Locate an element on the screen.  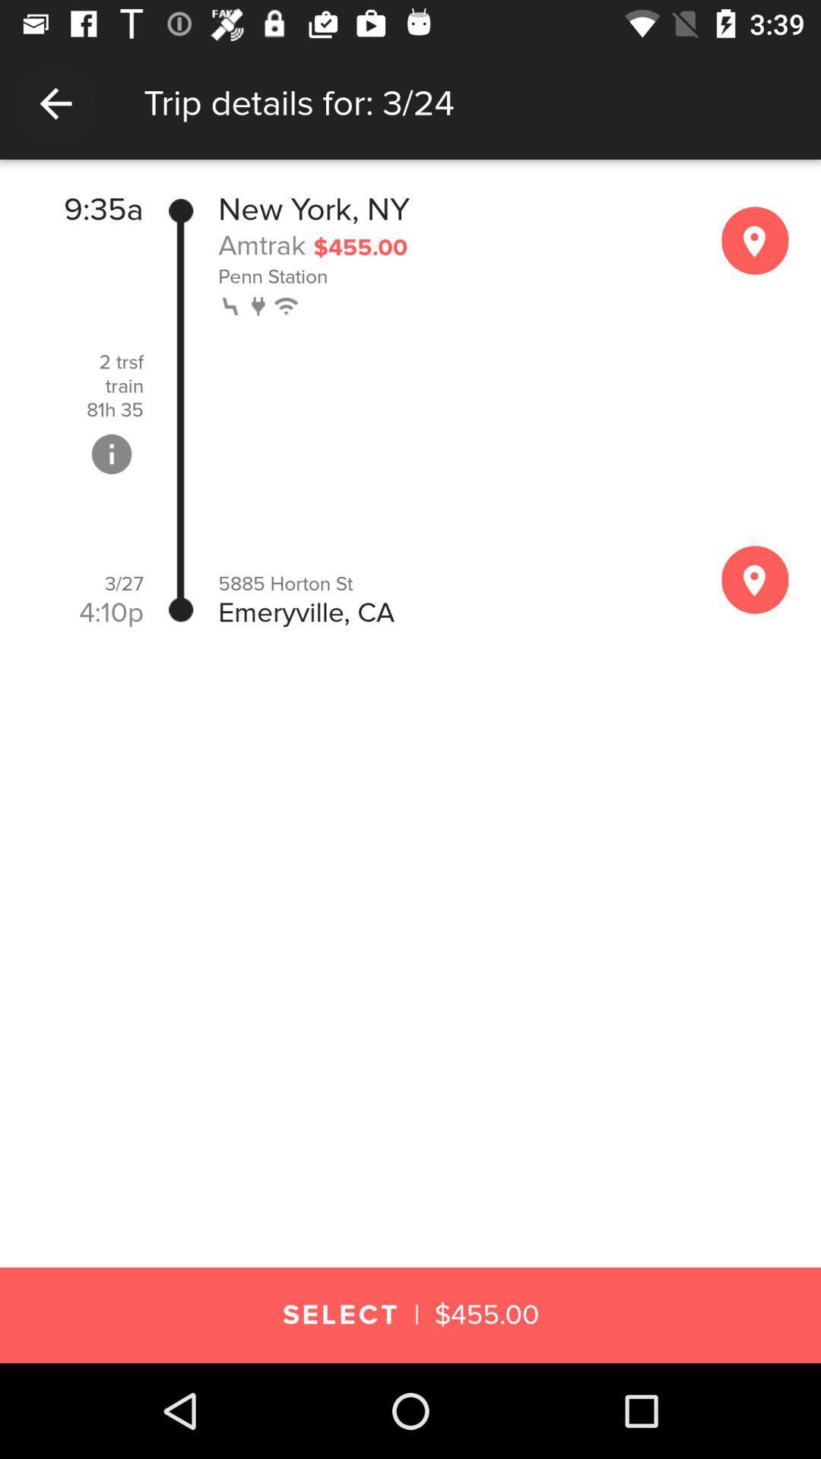
the item above the 9:35a item is located at coordinates (410, 175).